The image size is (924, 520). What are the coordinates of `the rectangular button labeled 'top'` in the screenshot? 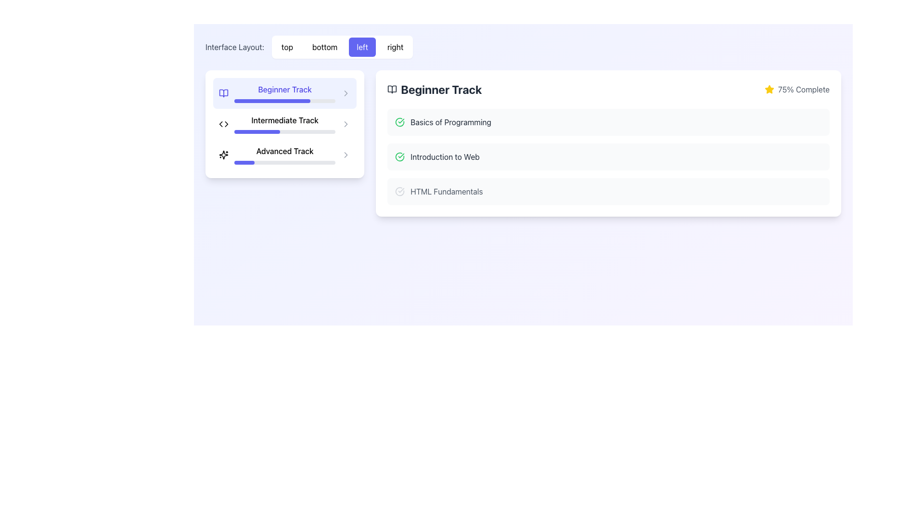 It's located at (286, 47).